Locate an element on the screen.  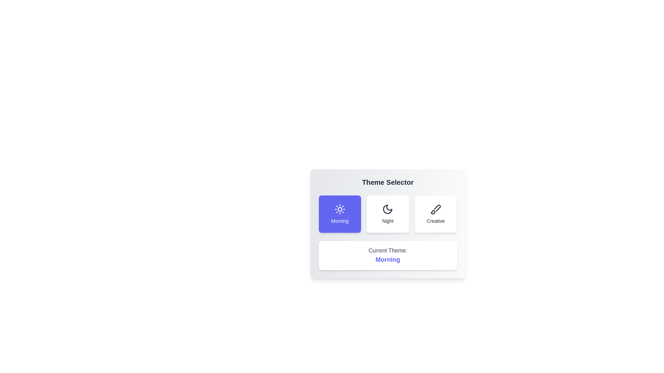
the theme Creative by clicking on its button is located at coordinates (435, 214).